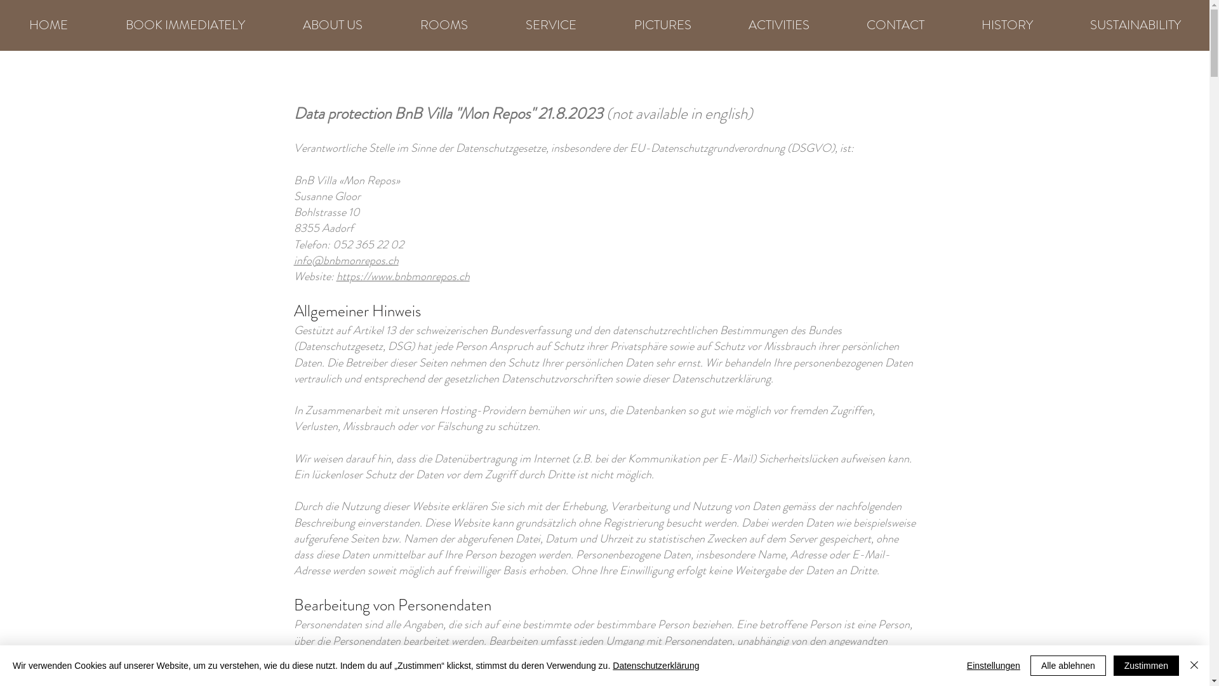  What do you see at coordinates (390, 25) in the screenshot?
I see `'ROOMS'` at bounding box center [390, 25].